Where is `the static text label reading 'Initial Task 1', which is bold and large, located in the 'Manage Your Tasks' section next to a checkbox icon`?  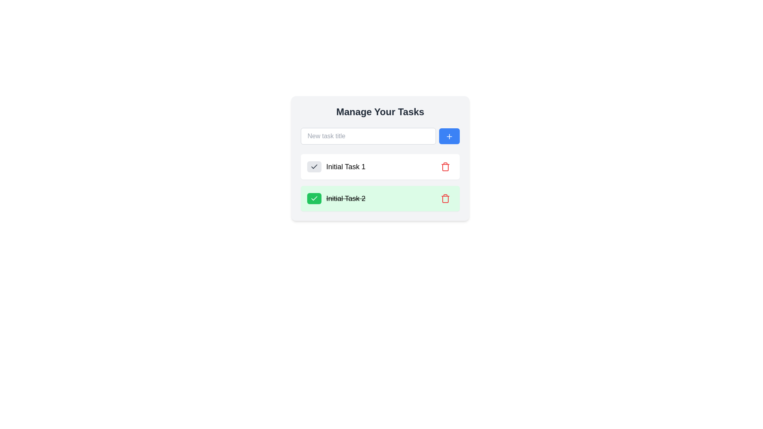 the static text label reading 'Initial Task 1', which is bold and large, located in the 'Manage Your Tasks' section next to a checkbox icon is located at coordinates (336, 166).